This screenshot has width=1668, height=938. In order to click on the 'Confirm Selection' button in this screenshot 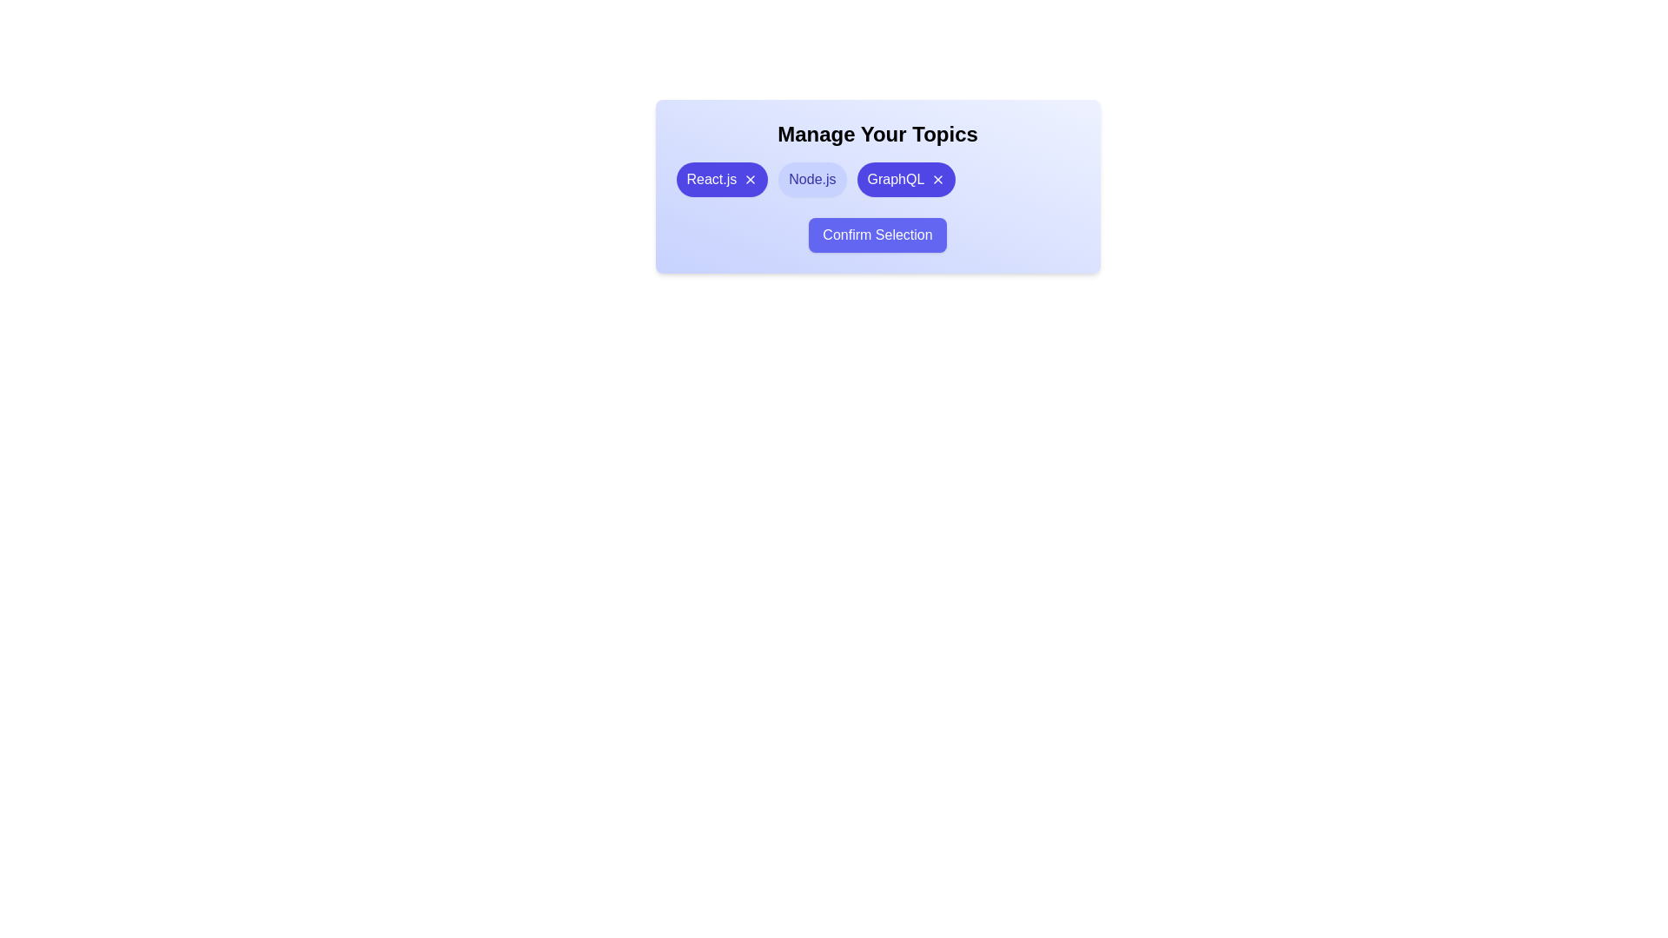, I will do `click(877, 234)`.